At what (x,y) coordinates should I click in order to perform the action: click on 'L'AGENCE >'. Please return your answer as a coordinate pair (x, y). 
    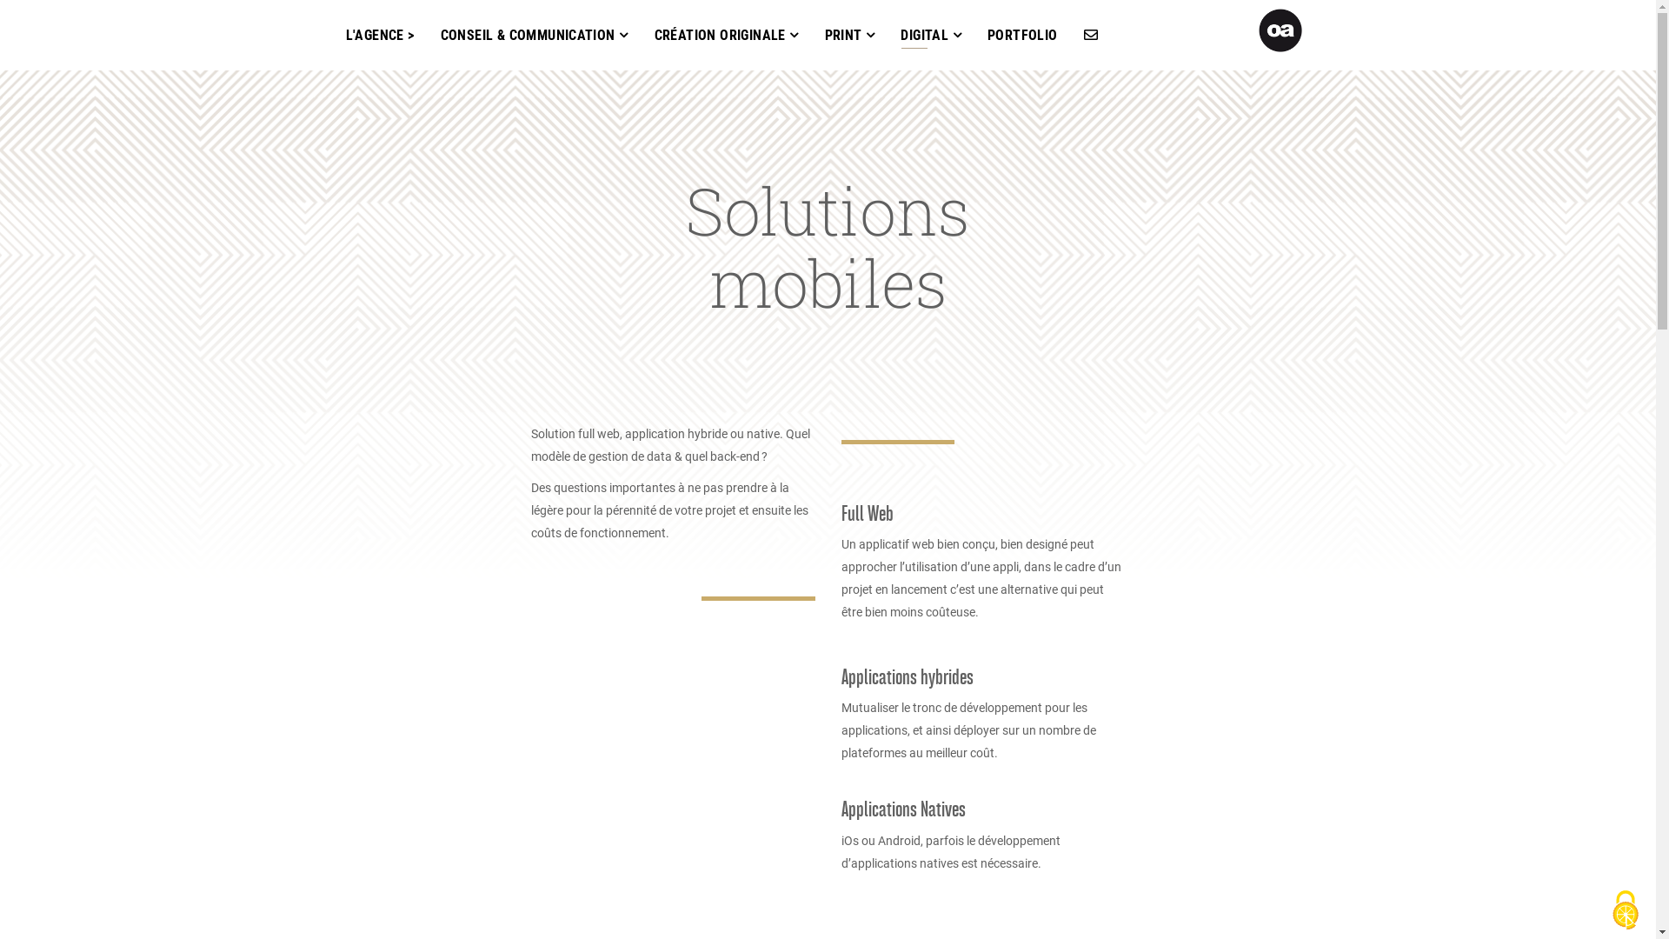
    Looking at the image, I should click on (378, 36).